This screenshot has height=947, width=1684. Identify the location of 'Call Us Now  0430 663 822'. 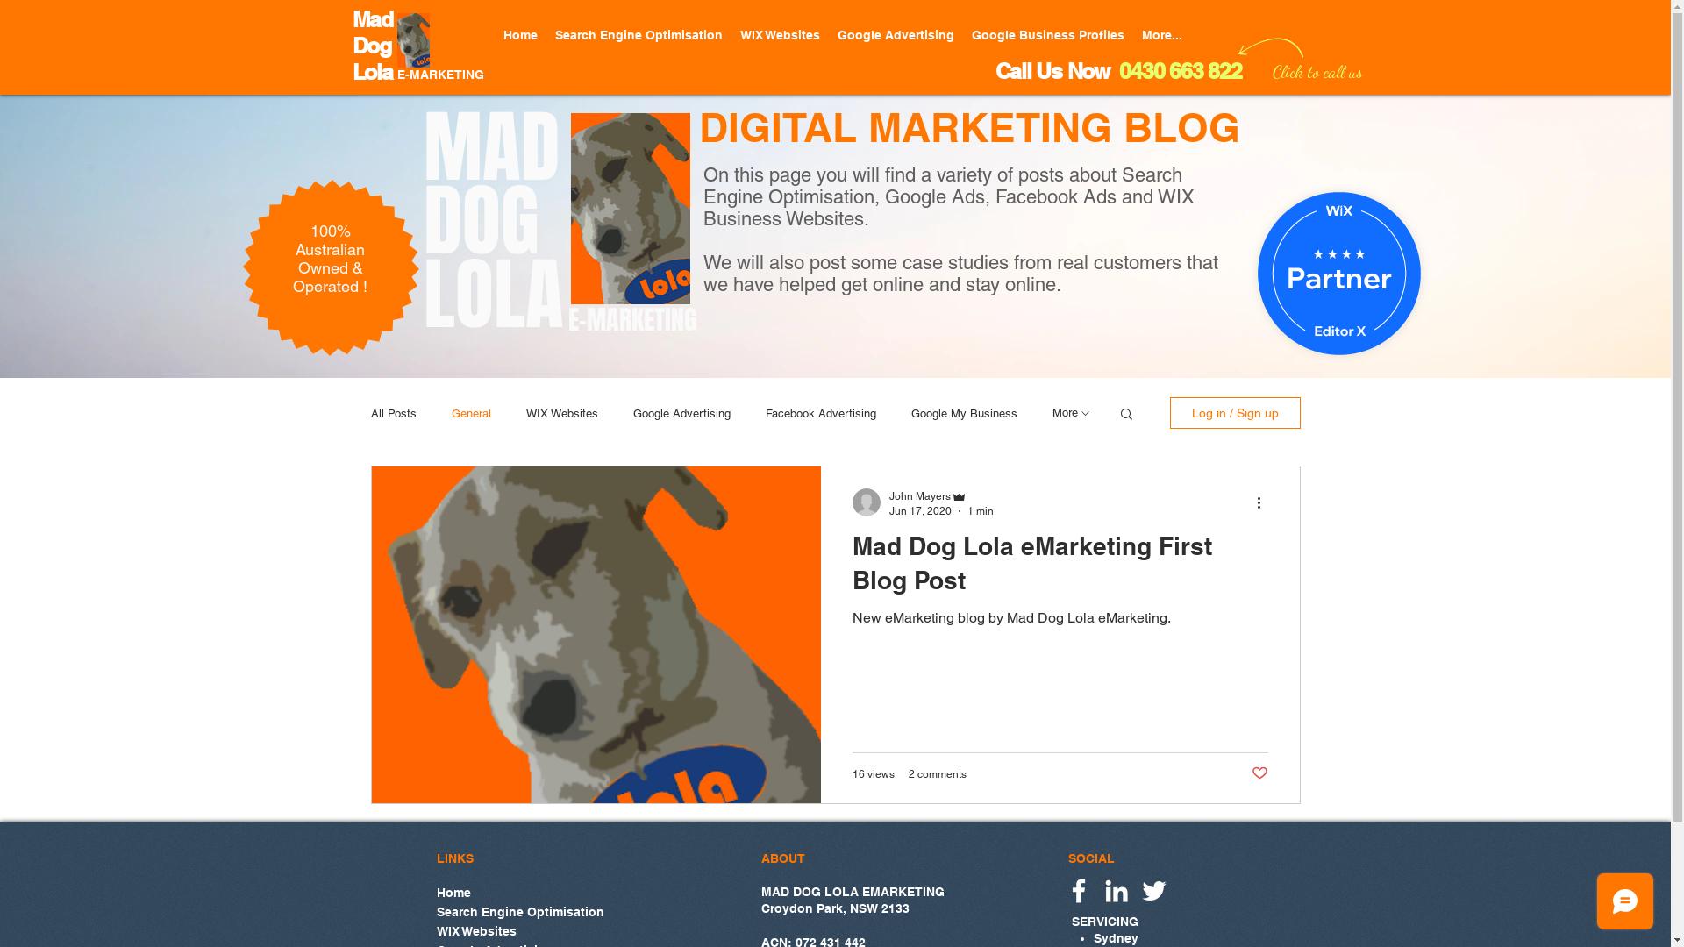
(1117, 70).